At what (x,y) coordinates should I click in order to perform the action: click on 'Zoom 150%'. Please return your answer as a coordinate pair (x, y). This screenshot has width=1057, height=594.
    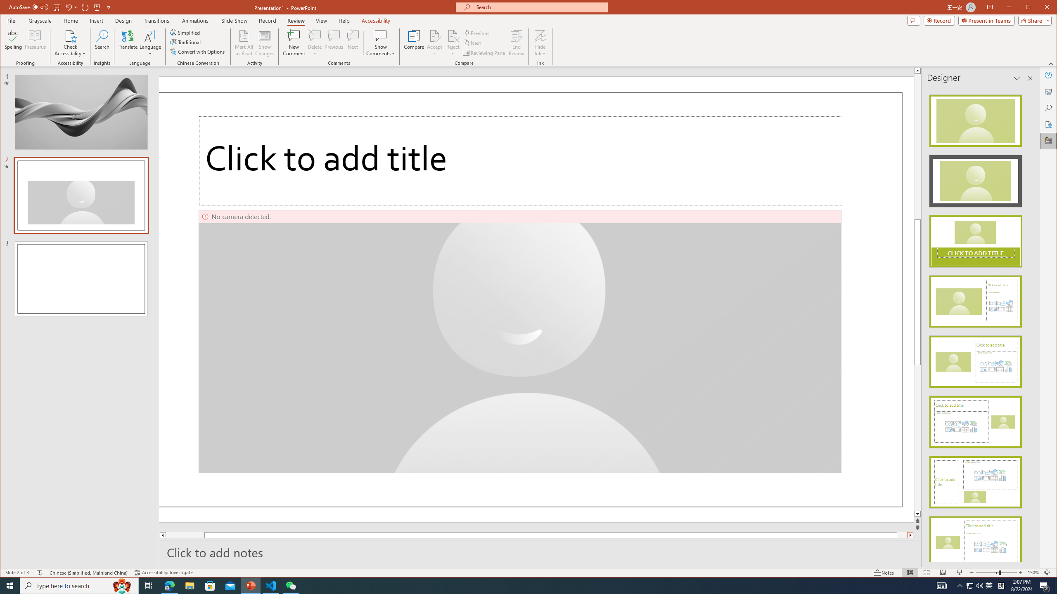
    Looking at the image, I should click on (1033, 572).